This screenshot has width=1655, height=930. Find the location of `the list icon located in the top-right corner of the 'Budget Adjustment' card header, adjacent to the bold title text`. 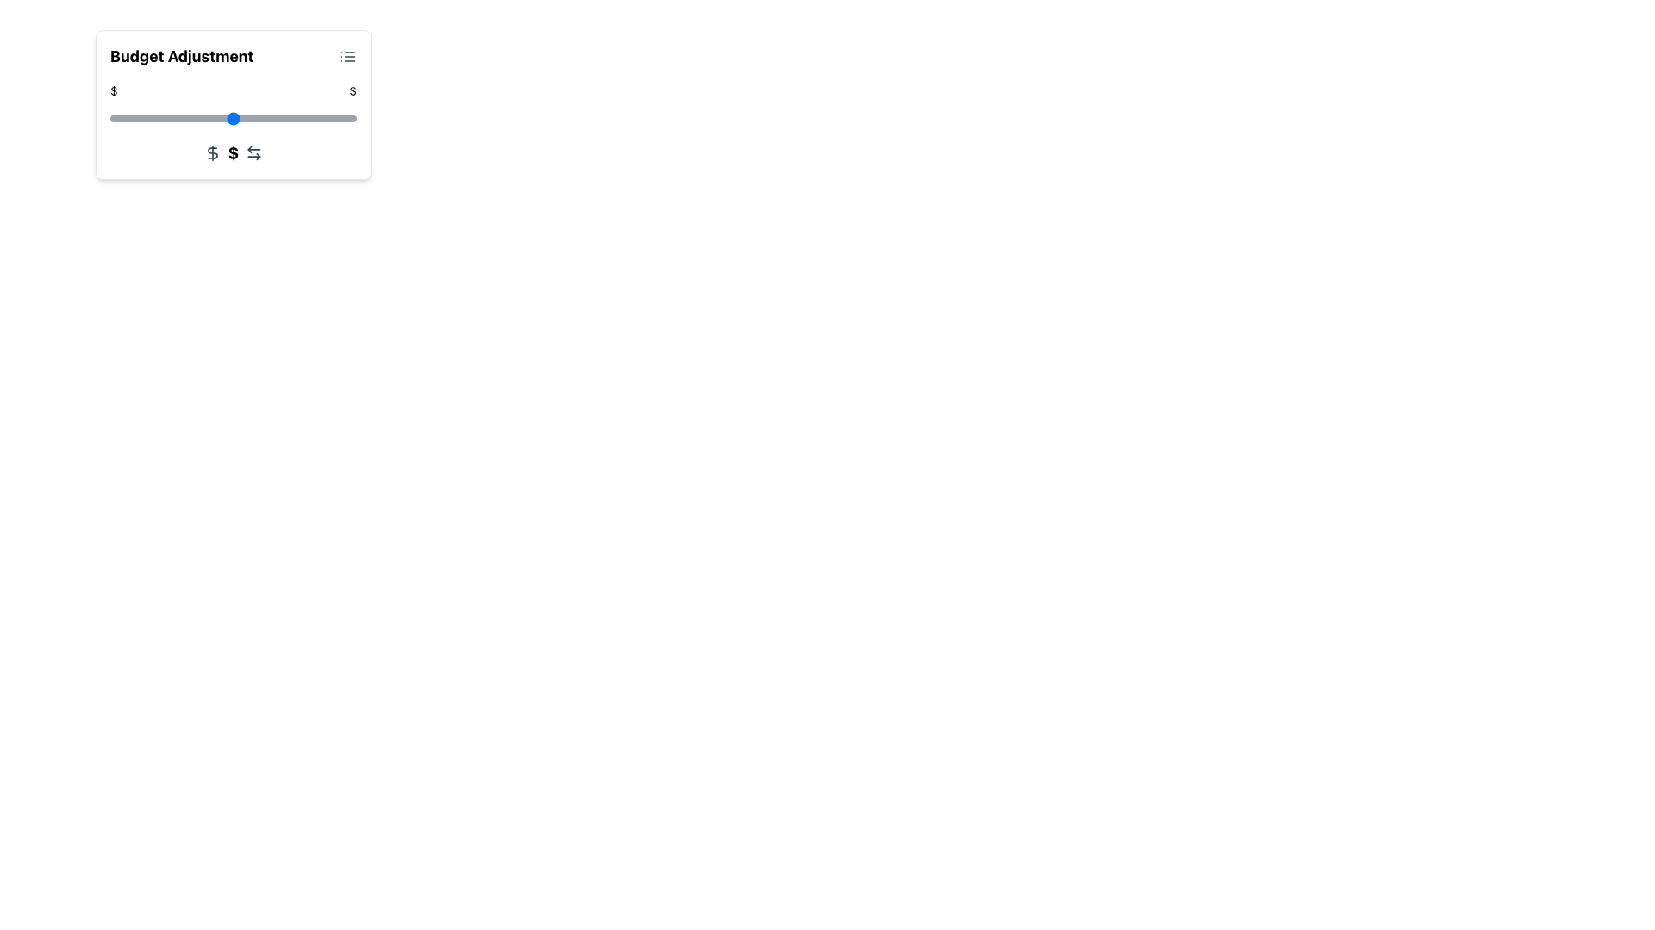

the list icon located in the top-right corner of the 'Budget Adjustment' card header, adjacent to the bold title text is located at coordinates (347, 55).